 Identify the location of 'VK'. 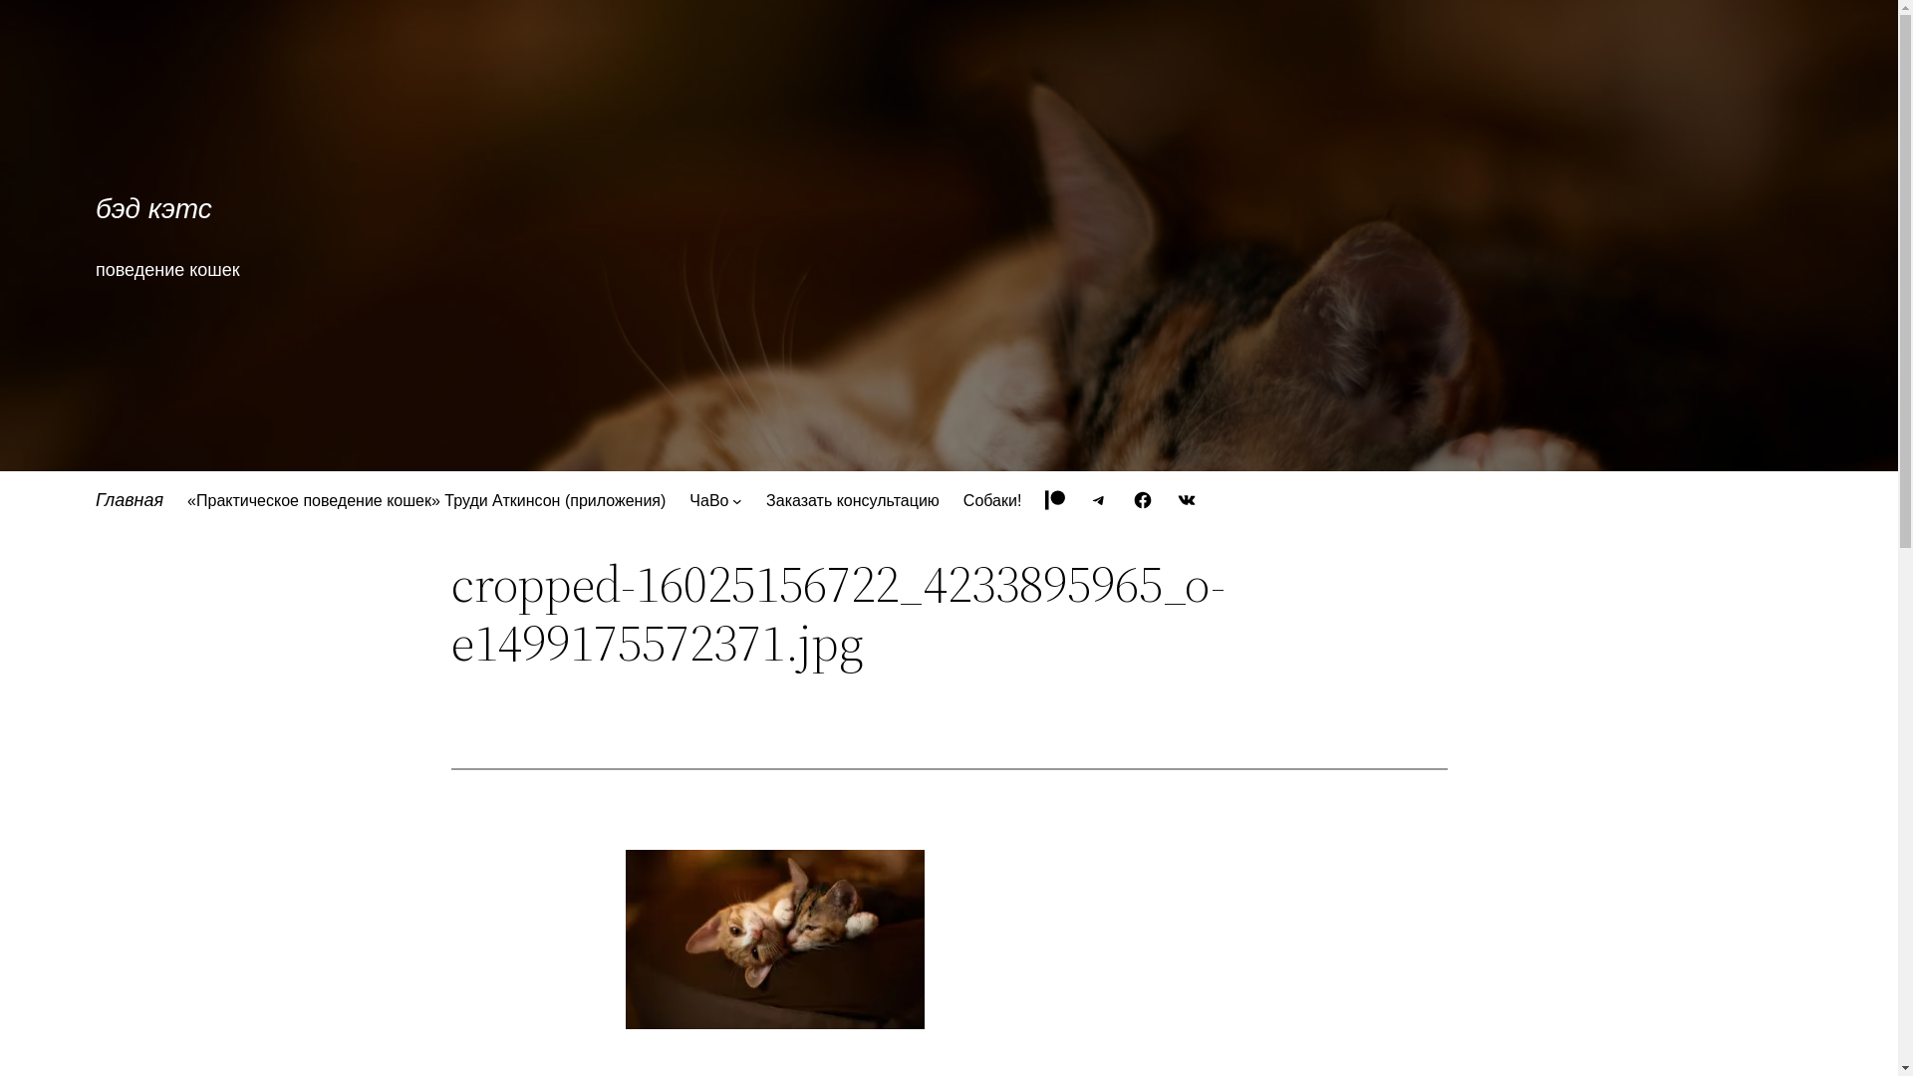
(1186, 498).